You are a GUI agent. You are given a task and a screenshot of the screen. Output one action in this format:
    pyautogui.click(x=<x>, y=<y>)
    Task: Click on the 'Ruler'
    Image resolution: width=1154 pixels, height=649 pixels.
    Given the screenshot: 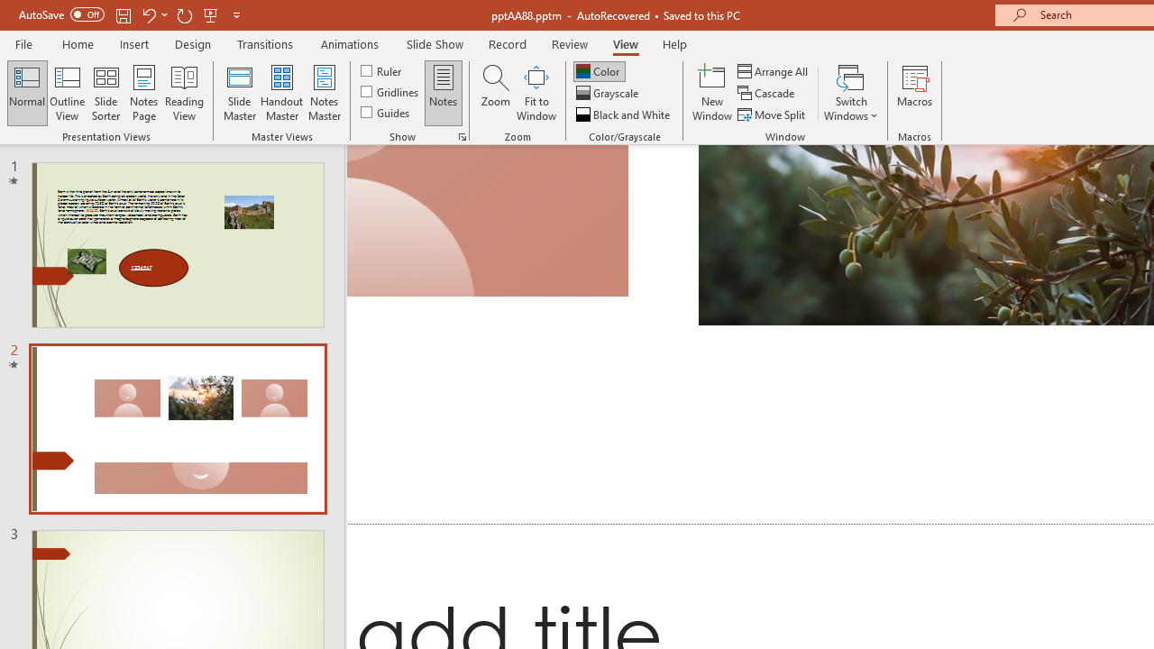 What is the action you would take?
    pyautogui.click(x=381, y=69)
    